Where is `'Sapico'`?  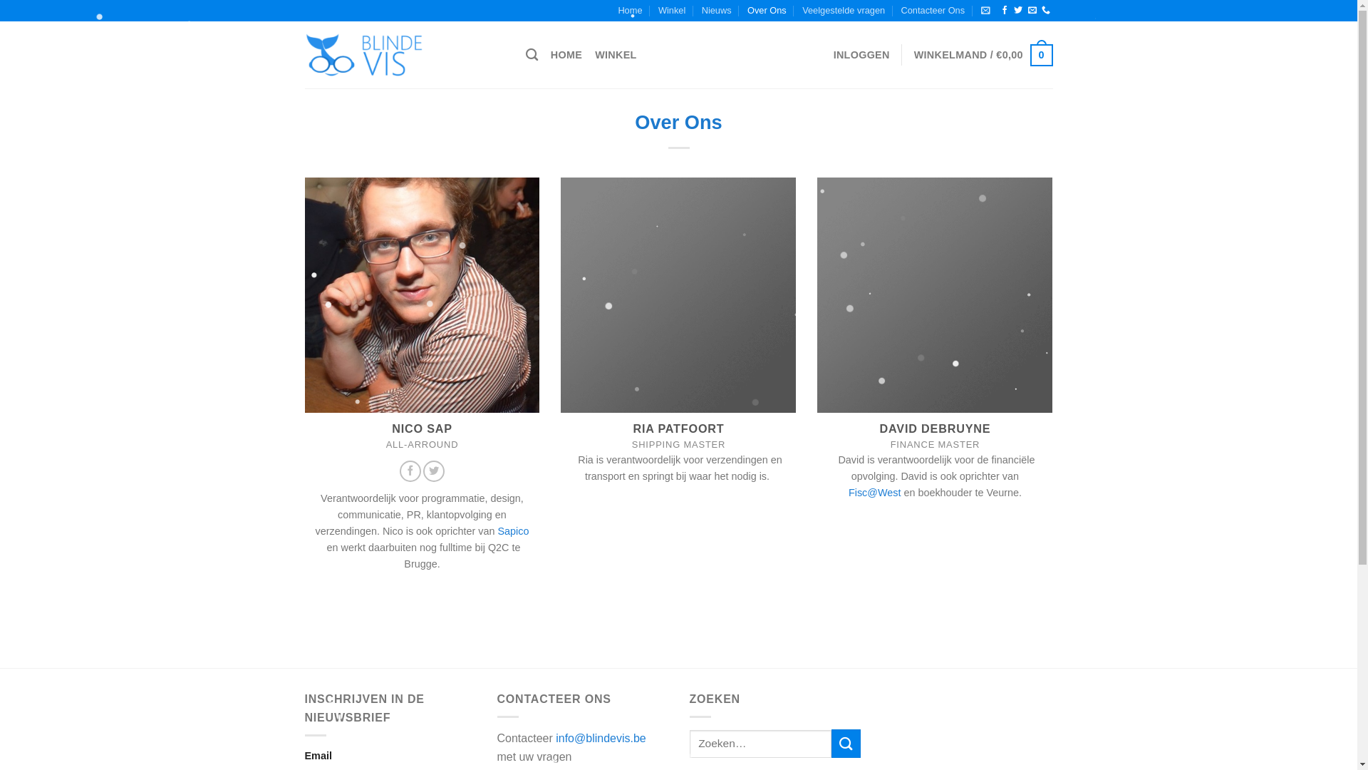 'Sapico' is located at coordinates (513, 531).